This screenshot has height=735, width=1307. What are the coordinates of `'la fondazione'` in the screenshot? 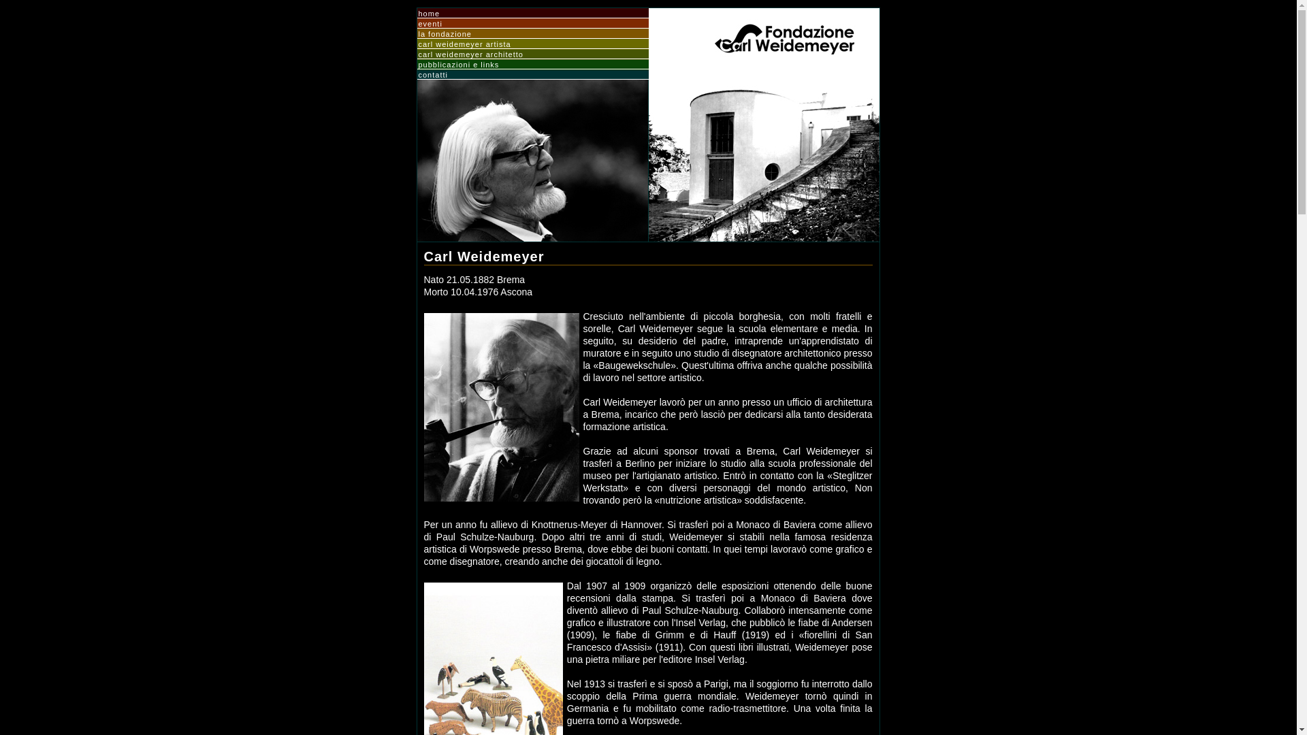 It's located at (532, 33).